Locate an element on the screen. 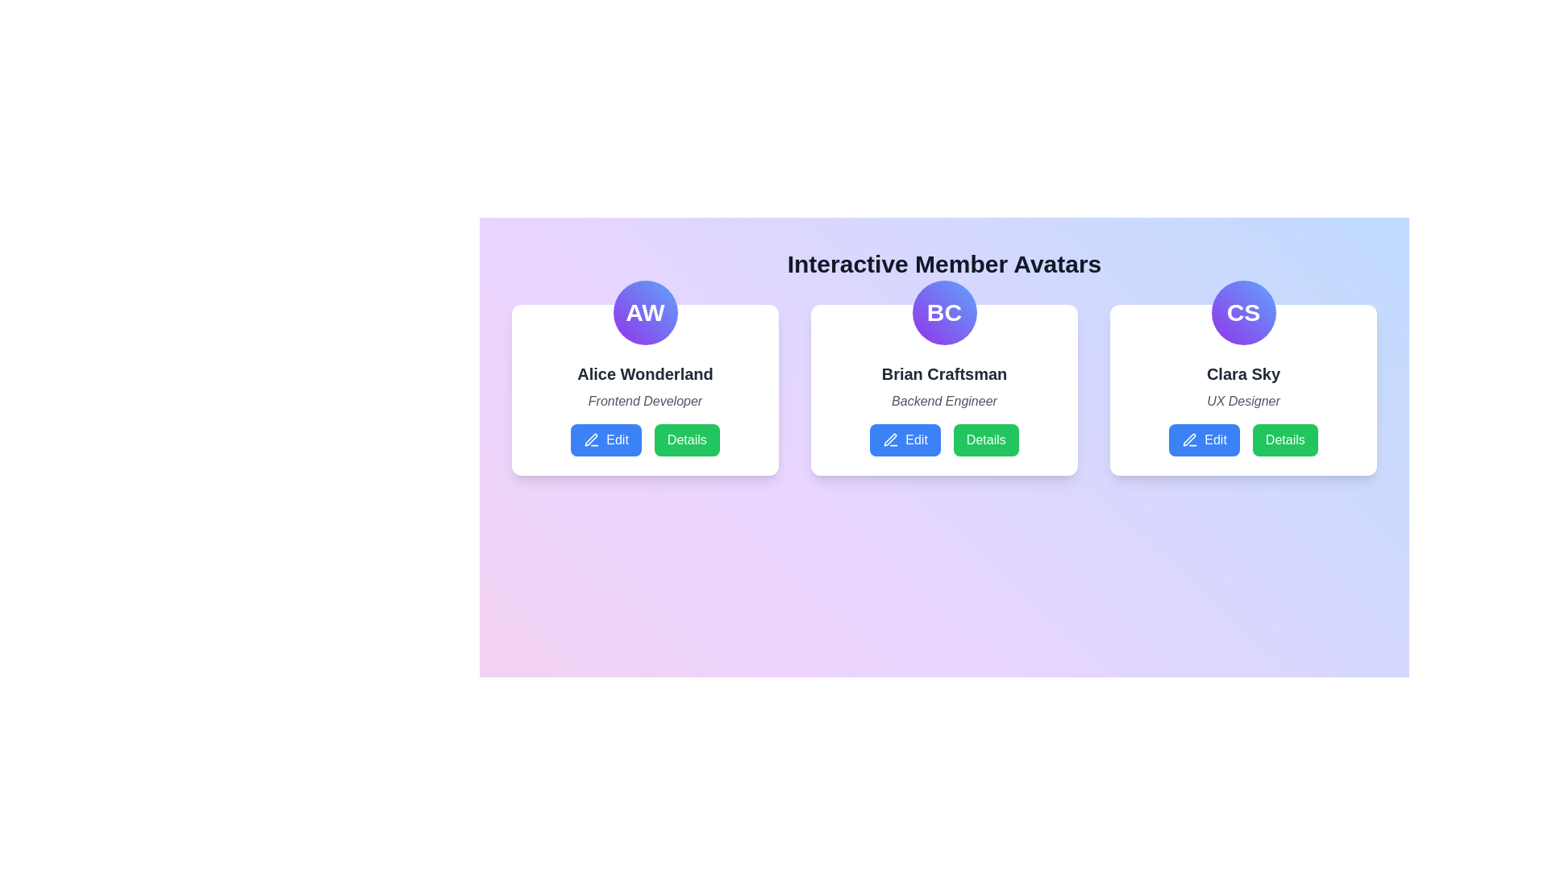 The width and height of the screenshot is (1548, 871). the circular Avatar Badge containing the text 'CS' in bold, white letters, which is positioned above the card for 'Clara Sky,' the UX Designer is located at coordinates (1242, 313).